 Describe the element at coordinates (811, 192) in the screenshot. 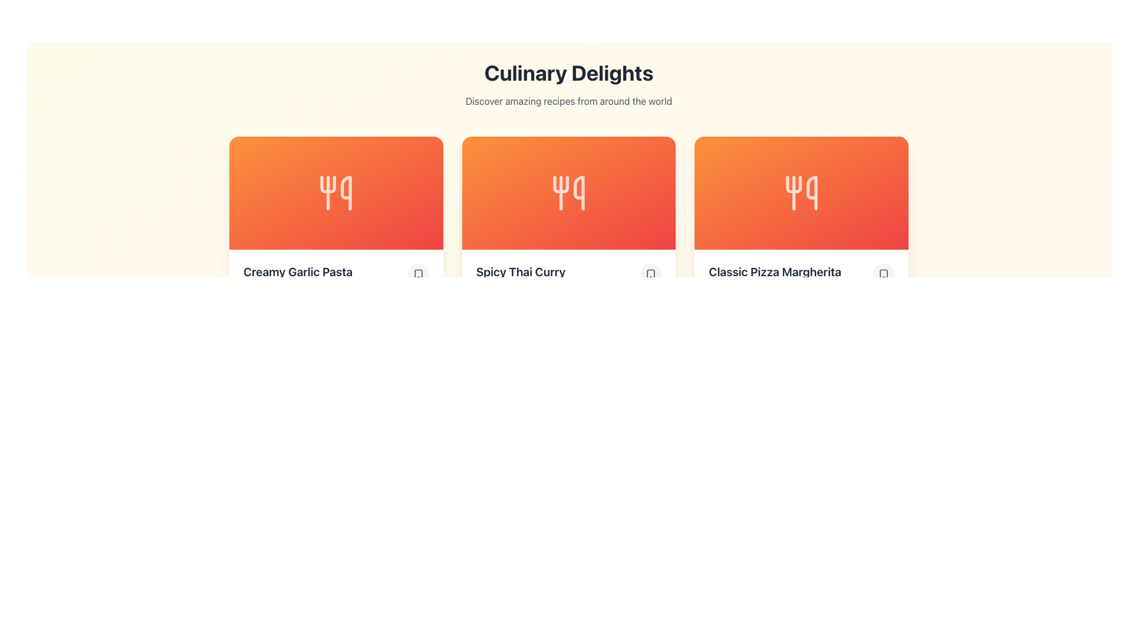

I see `the graphical decorative element representing utensils or food-related equipment on the 'Classic Pizza Margherita' recipe card, positioned as the rightmost element in a horizontal group` at that location.